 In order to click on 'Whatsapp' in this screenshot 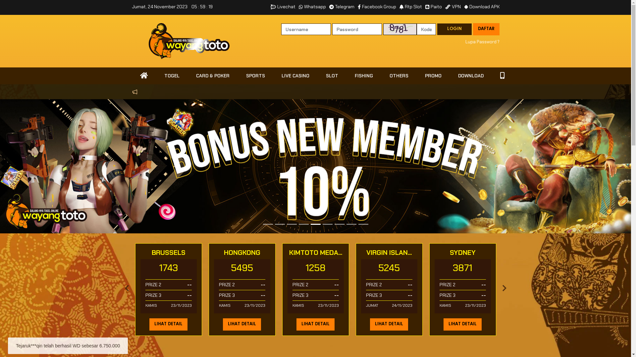, I will do `click(298, 7)`.